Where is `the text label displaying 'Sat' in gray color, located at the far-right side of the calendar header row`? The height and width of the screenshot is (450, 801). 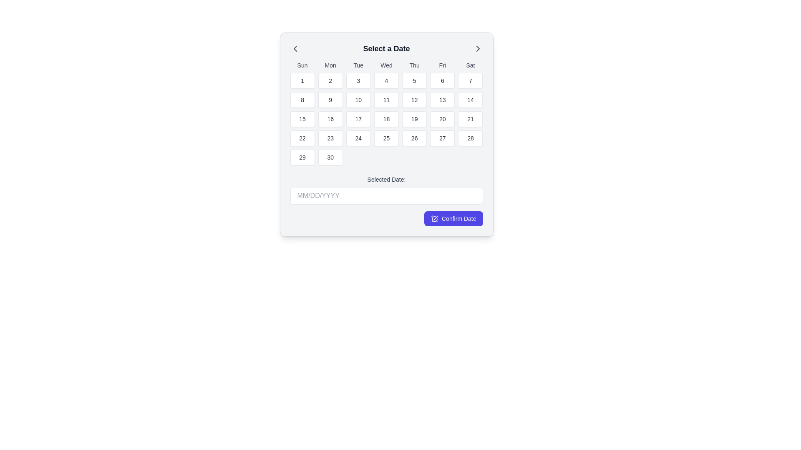
the text label displaying 'Sat' in gray color, located at the far-right side of the calendar header row is located at coordinates (471, 65).